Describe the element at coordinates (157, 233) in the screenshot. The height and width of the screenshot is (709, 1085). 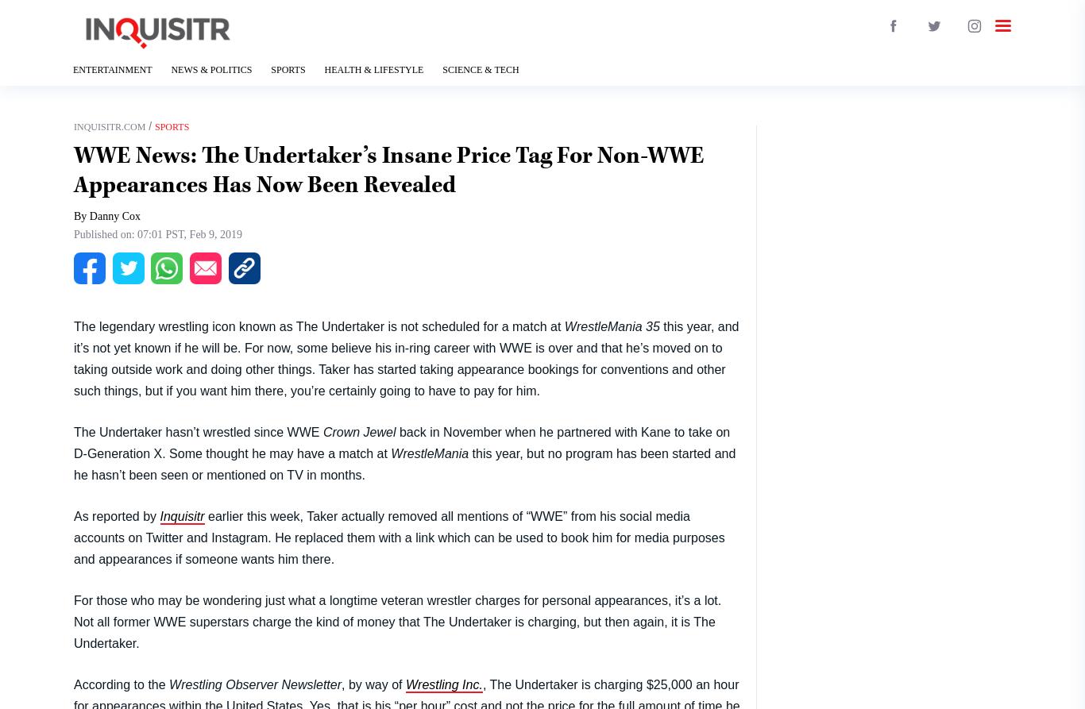
I see `'Published on: 07:01 PST, Feb 9, 2019'` at that location.